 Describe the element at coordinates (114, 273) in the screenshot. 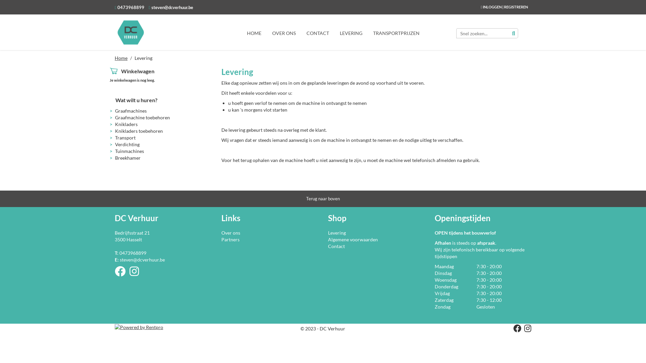

I see `'Facebook'` at that location.